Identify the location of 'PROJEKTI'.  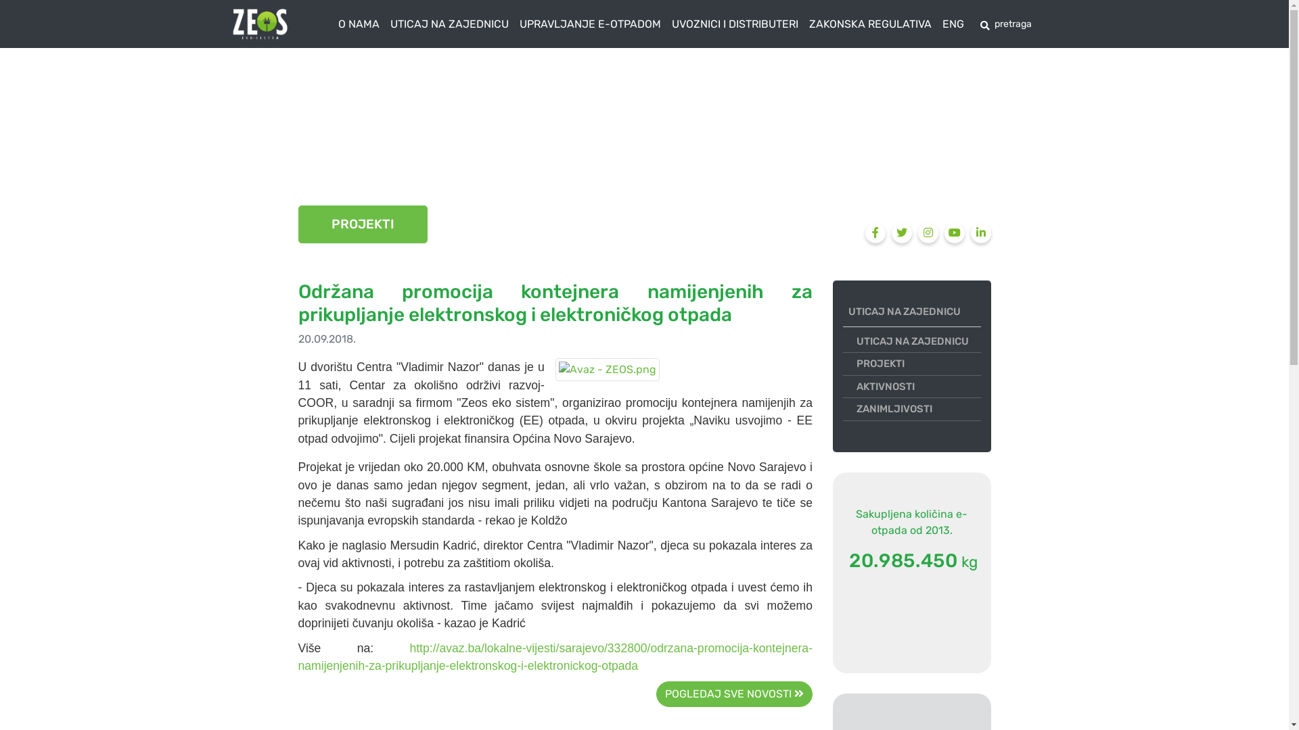
(919, 363).